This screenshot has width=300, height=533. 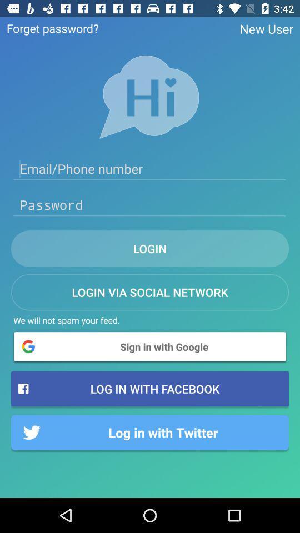 I want to click on enter password box, so click(x=150, y=204).